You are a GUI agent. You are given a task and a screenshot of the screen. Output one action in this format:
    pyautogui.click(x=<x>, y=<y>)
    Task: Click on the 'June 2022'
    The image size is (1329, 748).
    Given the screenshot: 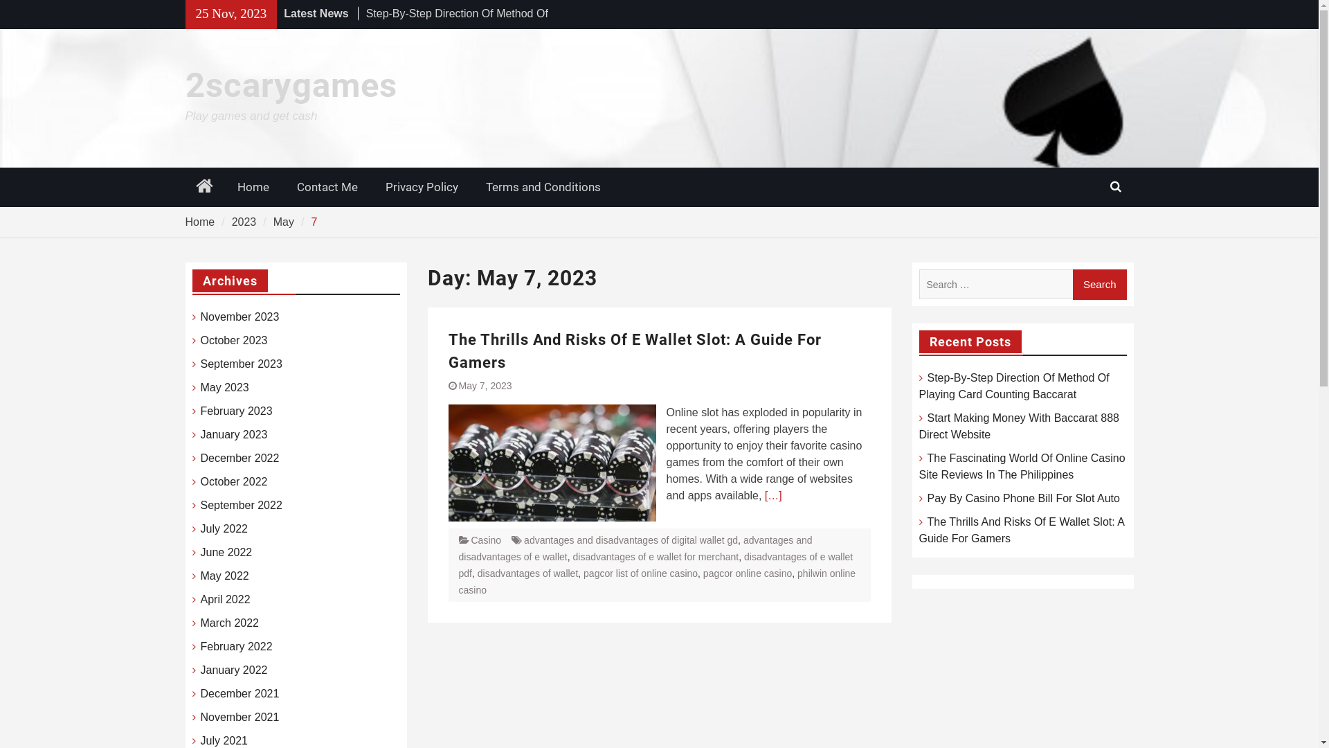 What is the action you would take?
    pyautogui.click(x=226, y=552)
    